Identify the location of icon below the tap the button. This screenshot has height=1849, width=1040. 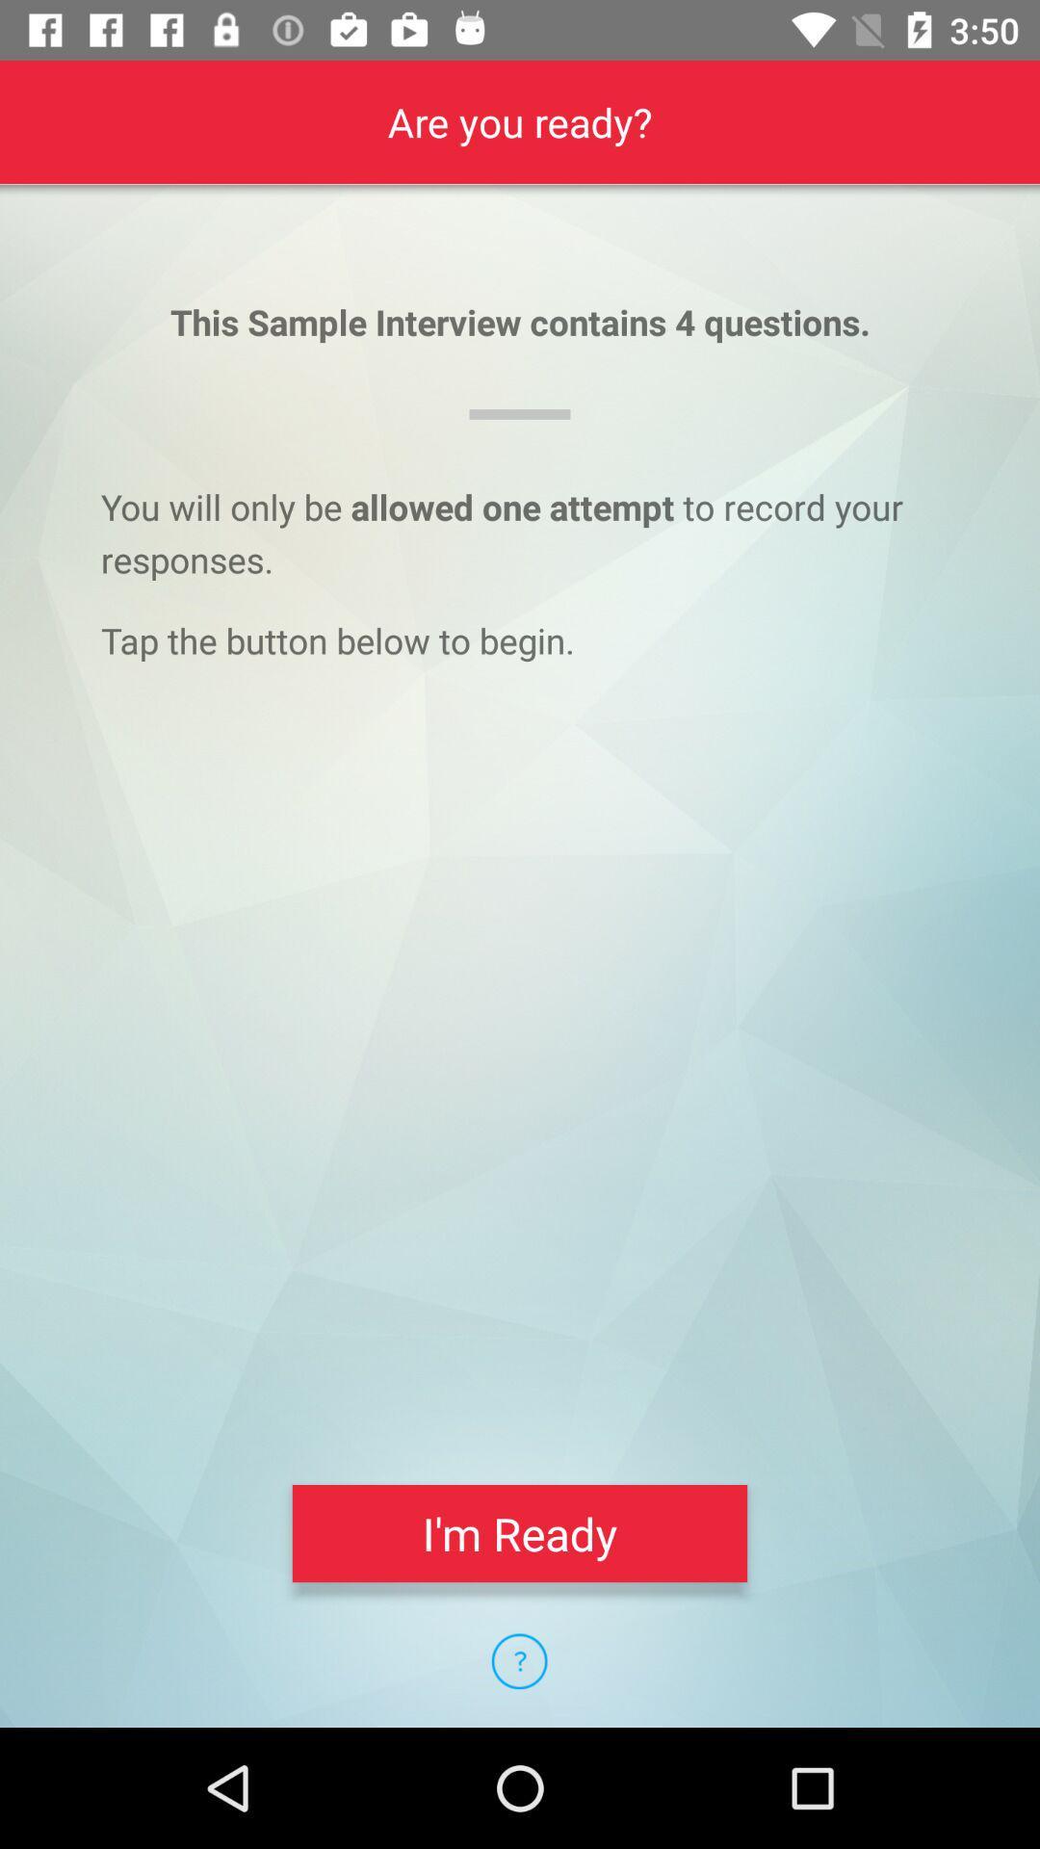
(520, 1532).